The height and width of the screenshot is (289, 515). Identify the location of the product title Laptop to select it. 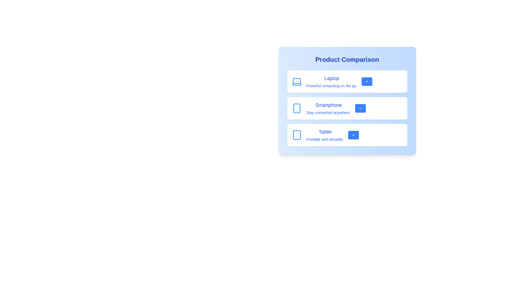
(332, 78).